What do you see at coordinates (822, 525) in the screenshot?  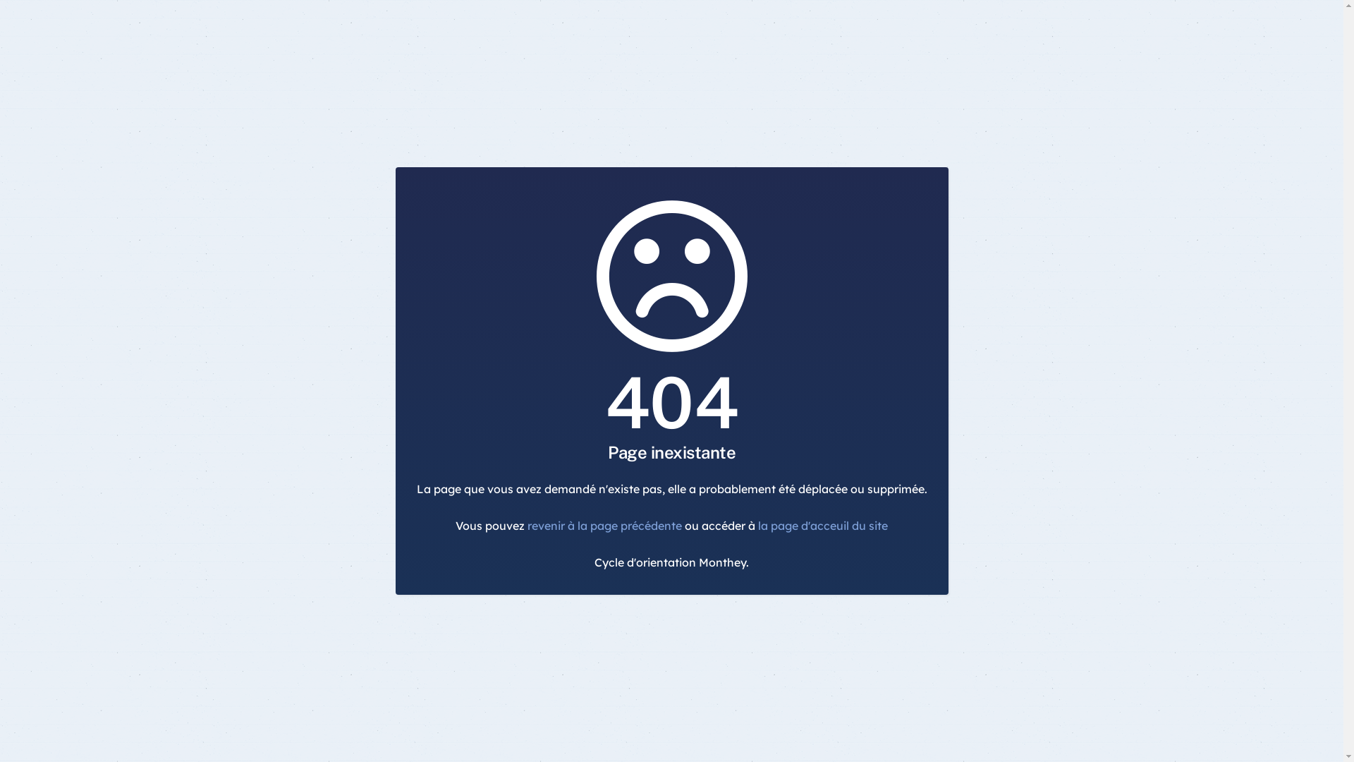 I see `'la page d'acceuil du site'` at bounding box center [822, 525].